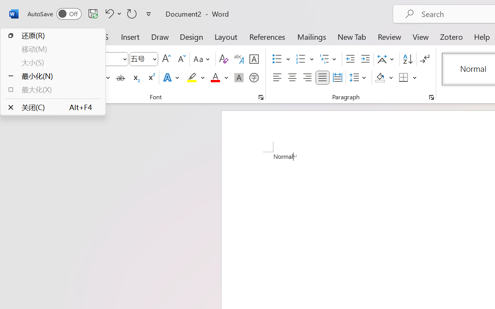  I want to click on 'New Tab', so click(352, 36).